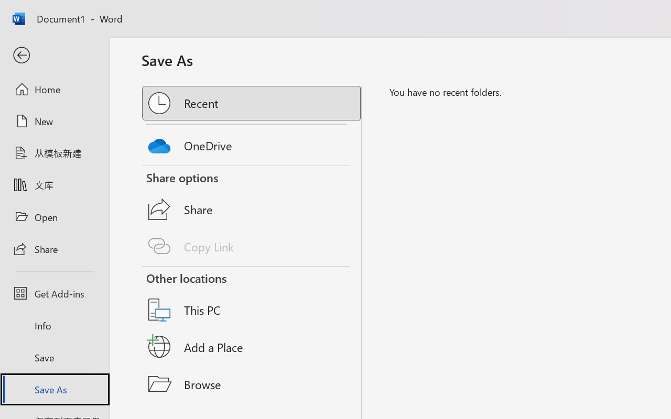 This screenshot has height=419, width=671. Describe the element at coordinates (252, 246) in the screenshot. I see `'Copy Link'` at that location.